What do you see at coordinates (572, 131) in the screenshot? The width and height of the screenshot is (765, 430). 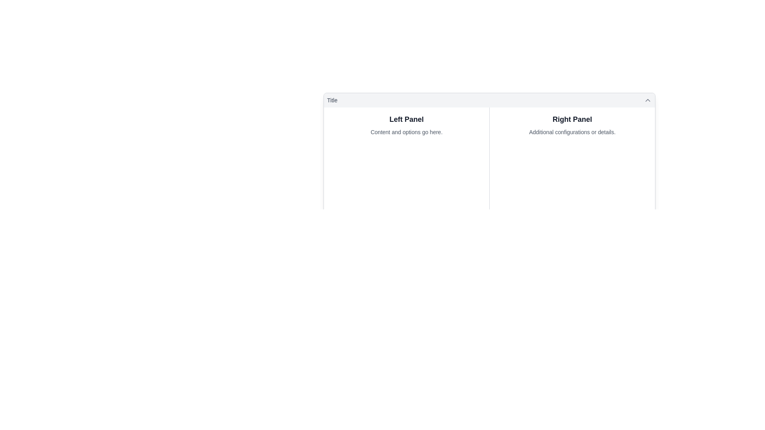 I see `the text label that contains 'Additional configurations or details.' located in the right panel beneath the 'Right Panel' title` at bounding box center [572, 131].